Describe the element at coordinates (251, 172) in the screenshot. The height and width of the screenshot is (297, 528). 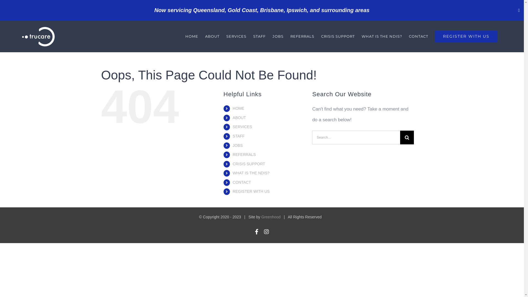
I see `'WHAT IS THE NDIS?'` at that location.